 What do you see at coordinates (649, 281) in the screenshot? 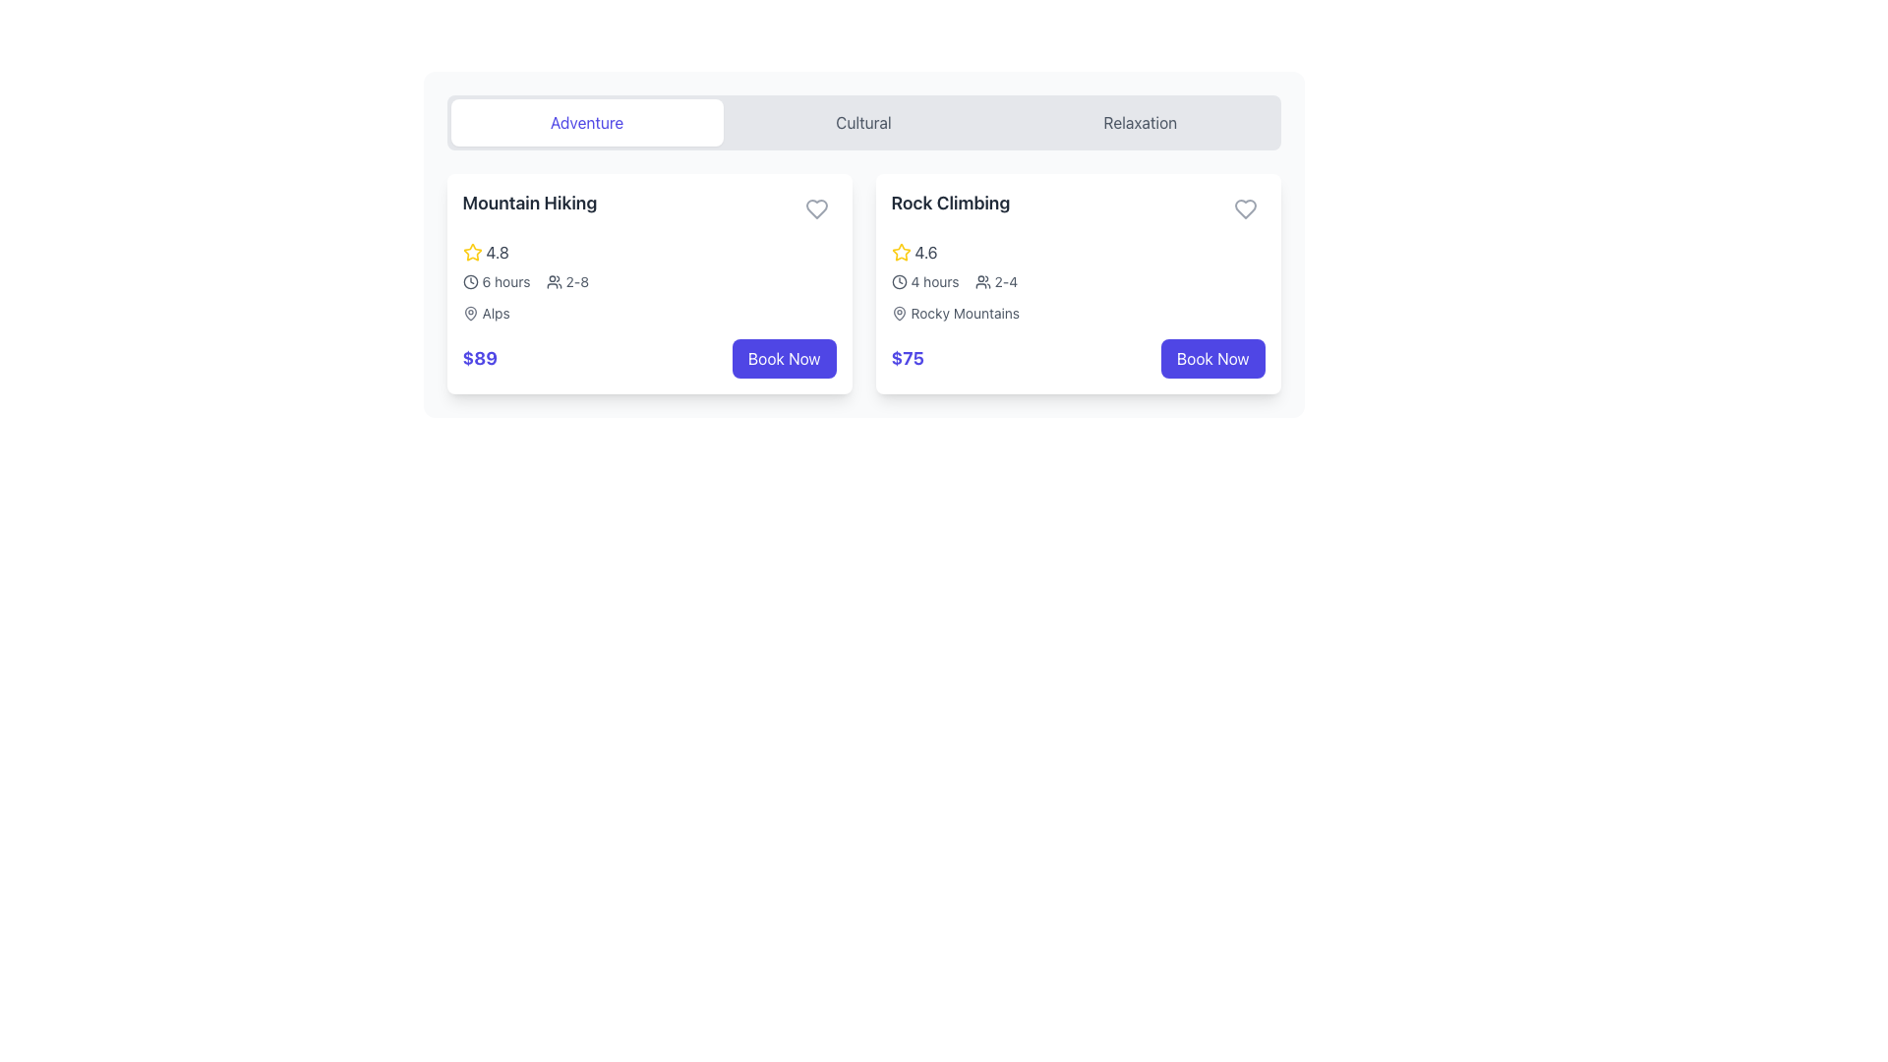
I see `the static information display for the 'Mountain Hiking' activity, which shows the duration '6 hours' and participant count '2-8'` at bounding box center [649, 281].